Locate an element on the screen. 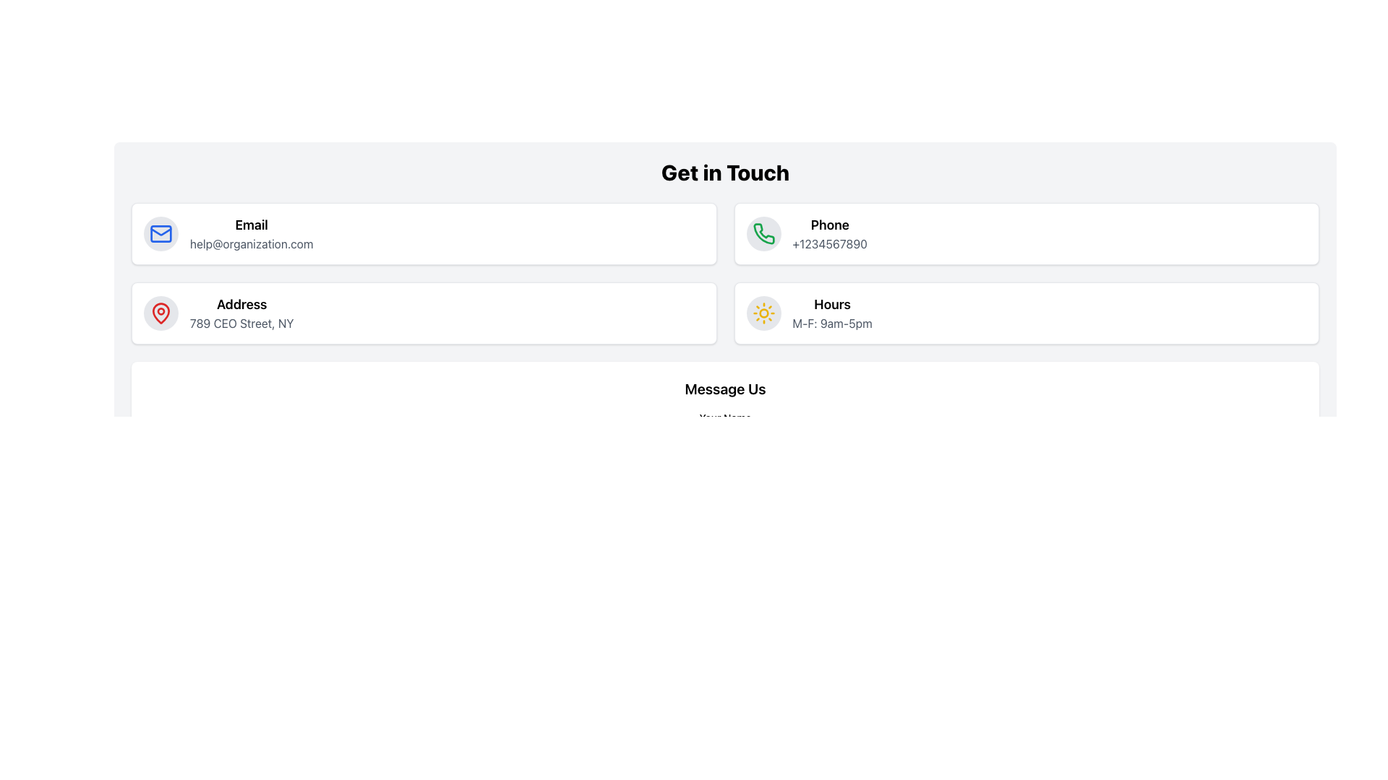 This screenshot has height=780, width=1388. the contact phone number display located in the right-hand section of the 'Get in Touch' panel, next to the green phone icon and under the header text is located at coordinates (830, 233).